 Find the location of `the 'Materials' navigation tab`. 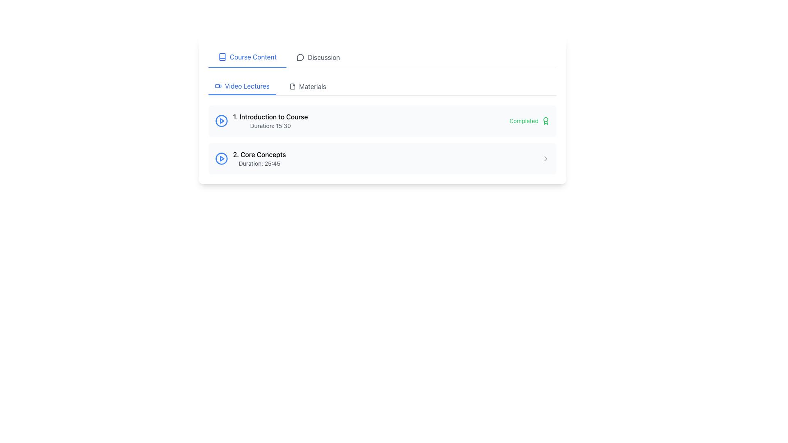

the 'Materials' navigation tab is located at coordinates (307, 87).